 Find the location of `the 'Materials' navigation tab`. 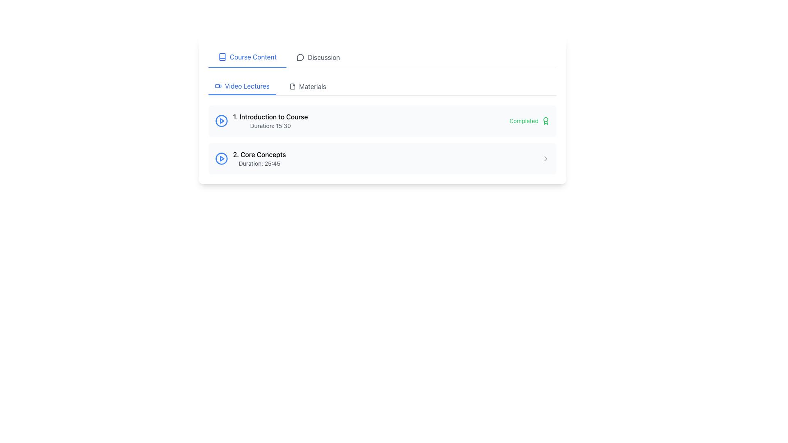

the 'Materials' navigation tab is located at coordinates (307, 87).